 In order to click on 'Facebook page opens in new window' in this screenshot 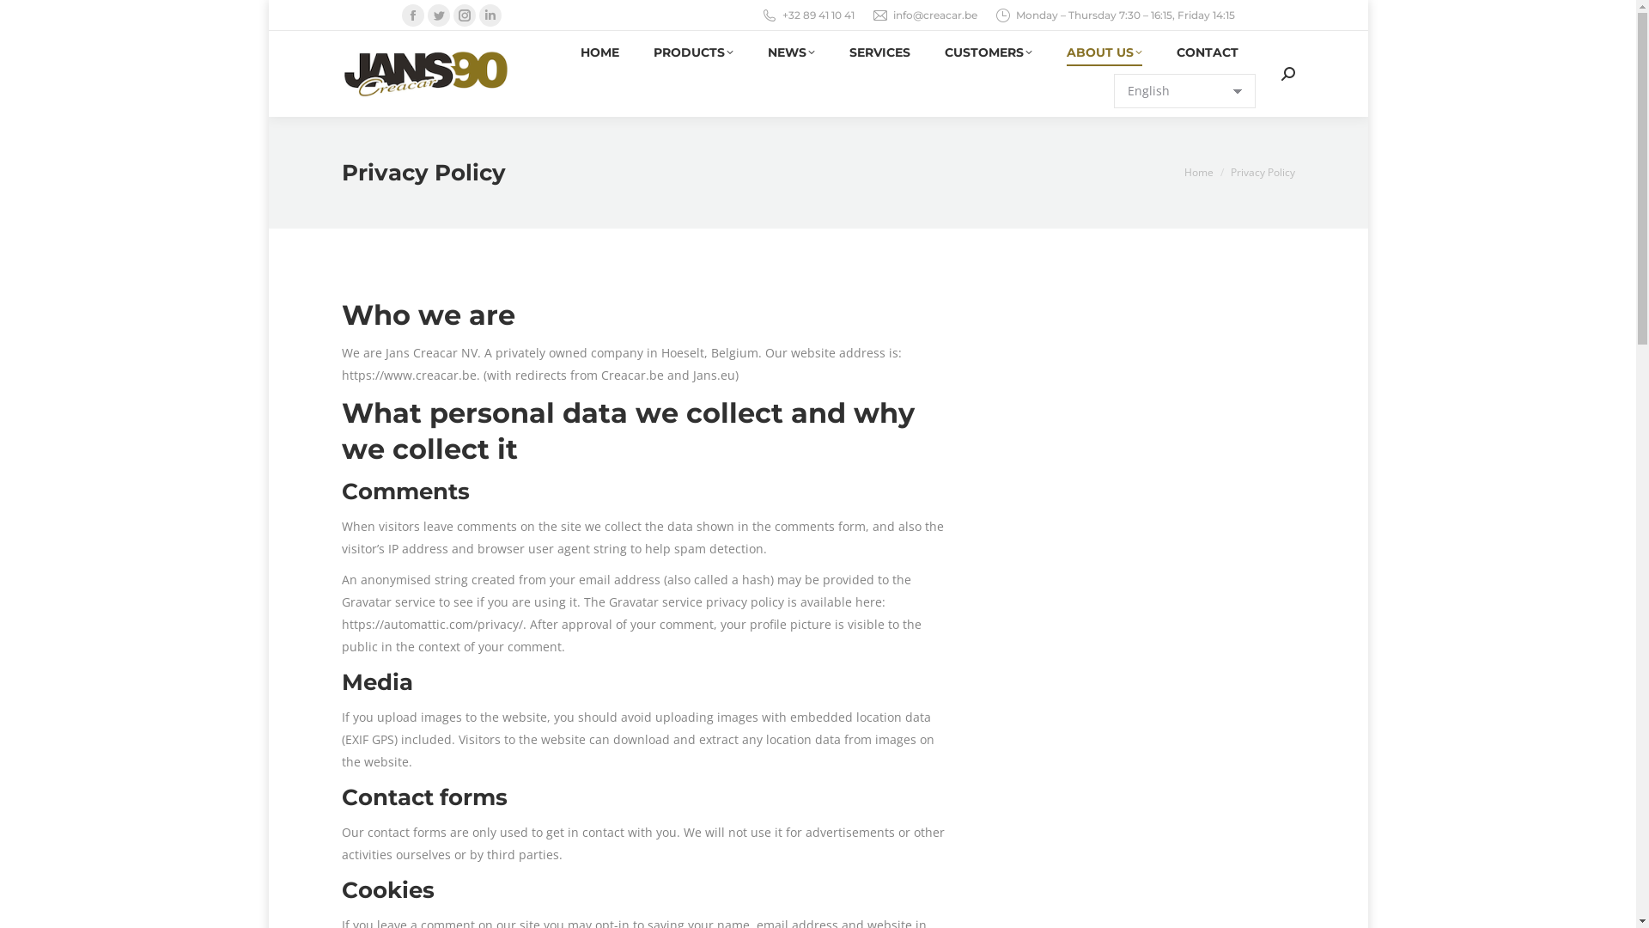, I will do `click(412, 15)`.